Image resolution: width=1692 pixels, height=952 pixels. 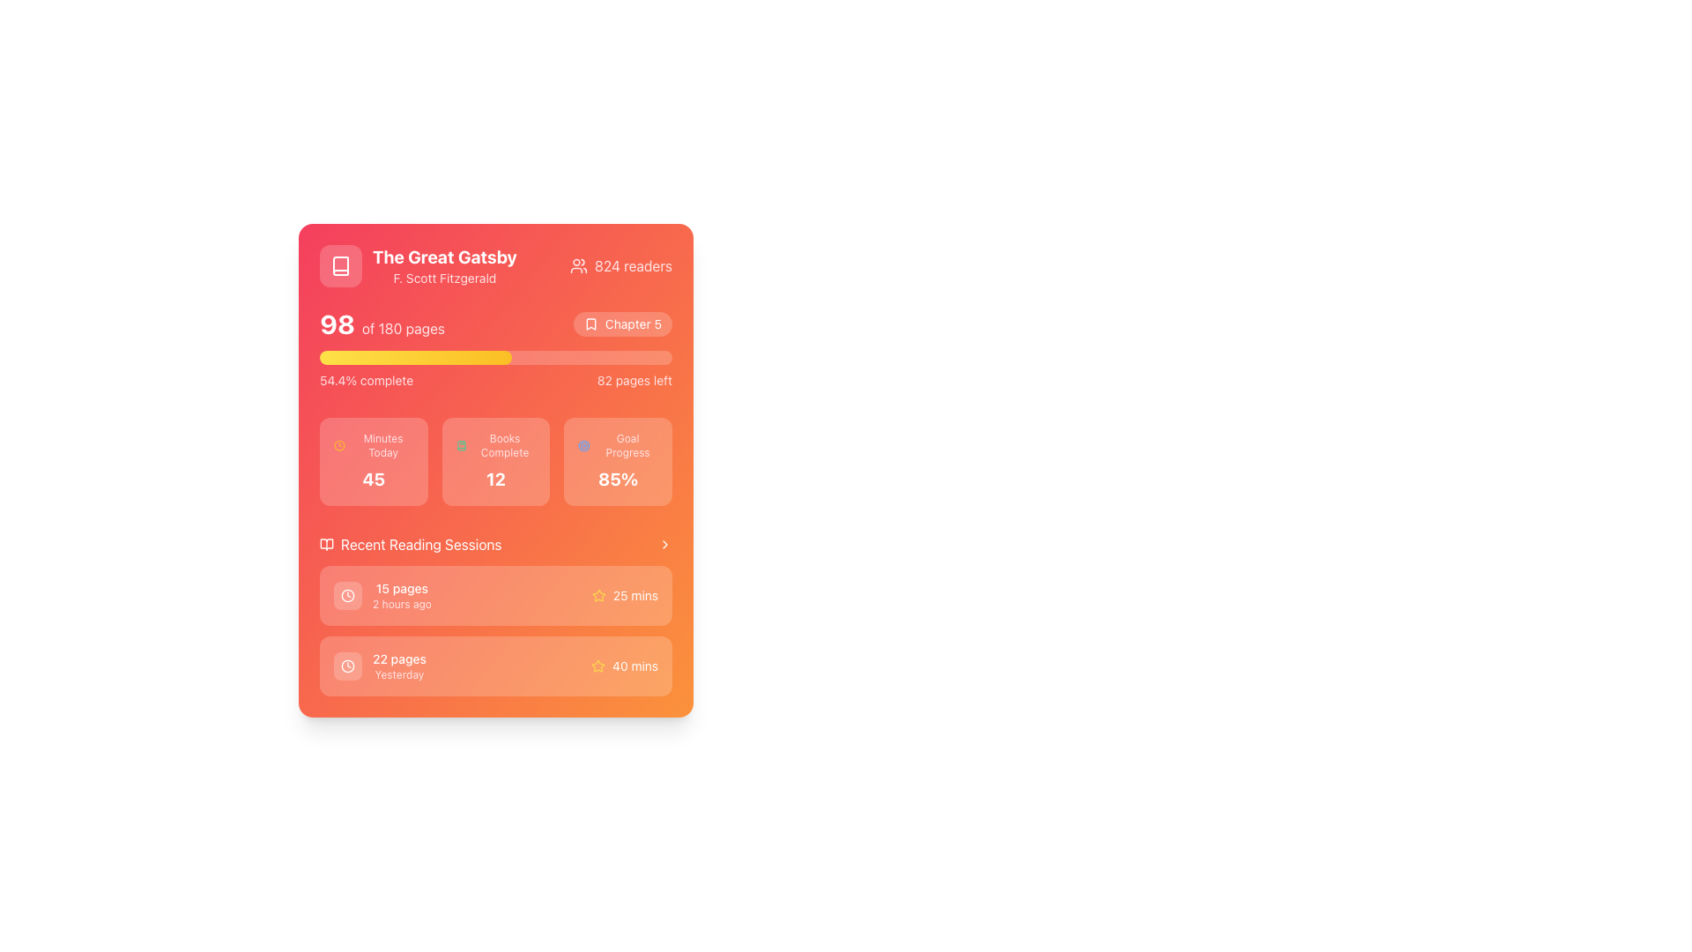 What do you see at coordinates (347, 595) in the screenshot?
I see `the icon that indicates the time spent on the associated reading session, located to the left of the text displaying '15 pages' and '2 hours ago' in the recent reading sessions section of the dashboard` at bounding box center [347, 595].